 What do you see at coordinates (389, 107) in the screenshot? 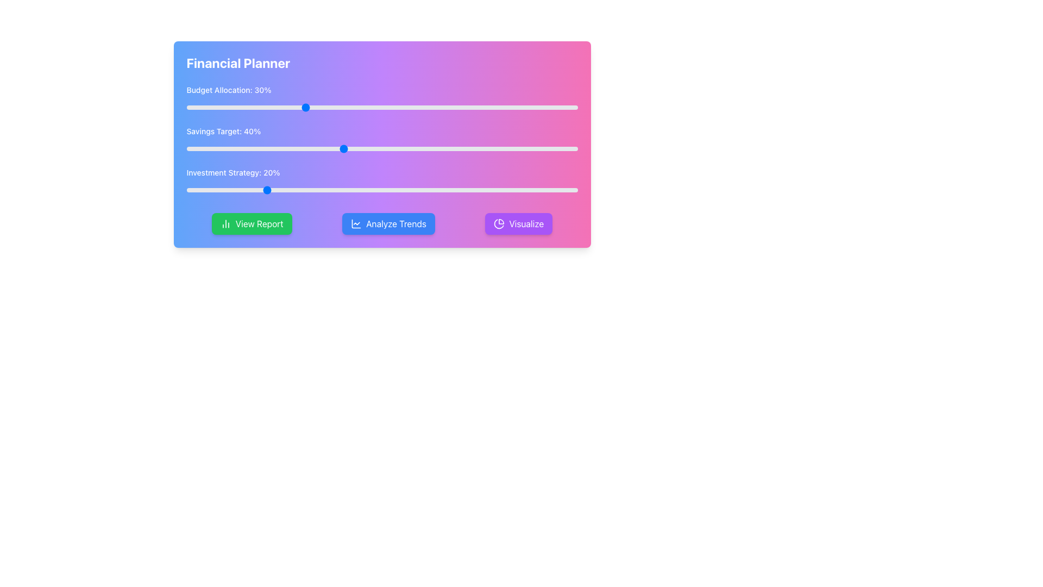
I see `the slider value` at bounding box center [389, 107].